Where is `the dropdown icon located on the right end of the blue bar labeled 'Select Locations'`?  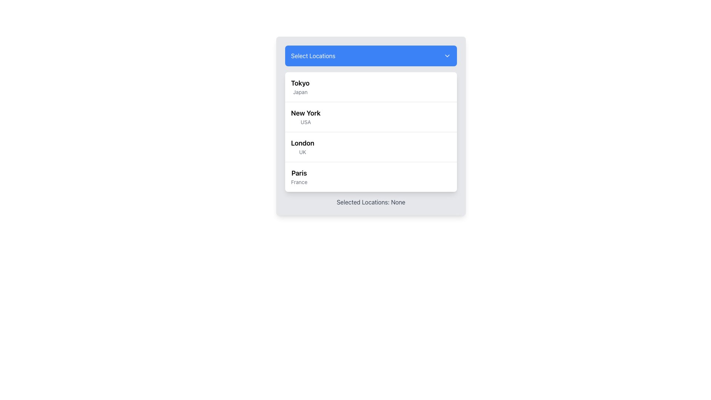 the dropdown icon located on the right end of the blue bar labeled 'Select Locations' is located at coordinates (447, 55).